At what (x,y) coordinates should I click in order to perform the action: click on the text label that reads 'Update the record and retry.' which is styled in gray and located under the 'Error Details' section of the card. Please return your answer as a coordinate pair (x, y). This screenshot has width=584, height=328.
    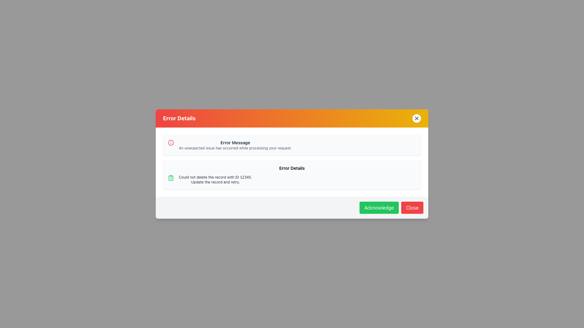
    Looking at the image, I should click on (215, 182).